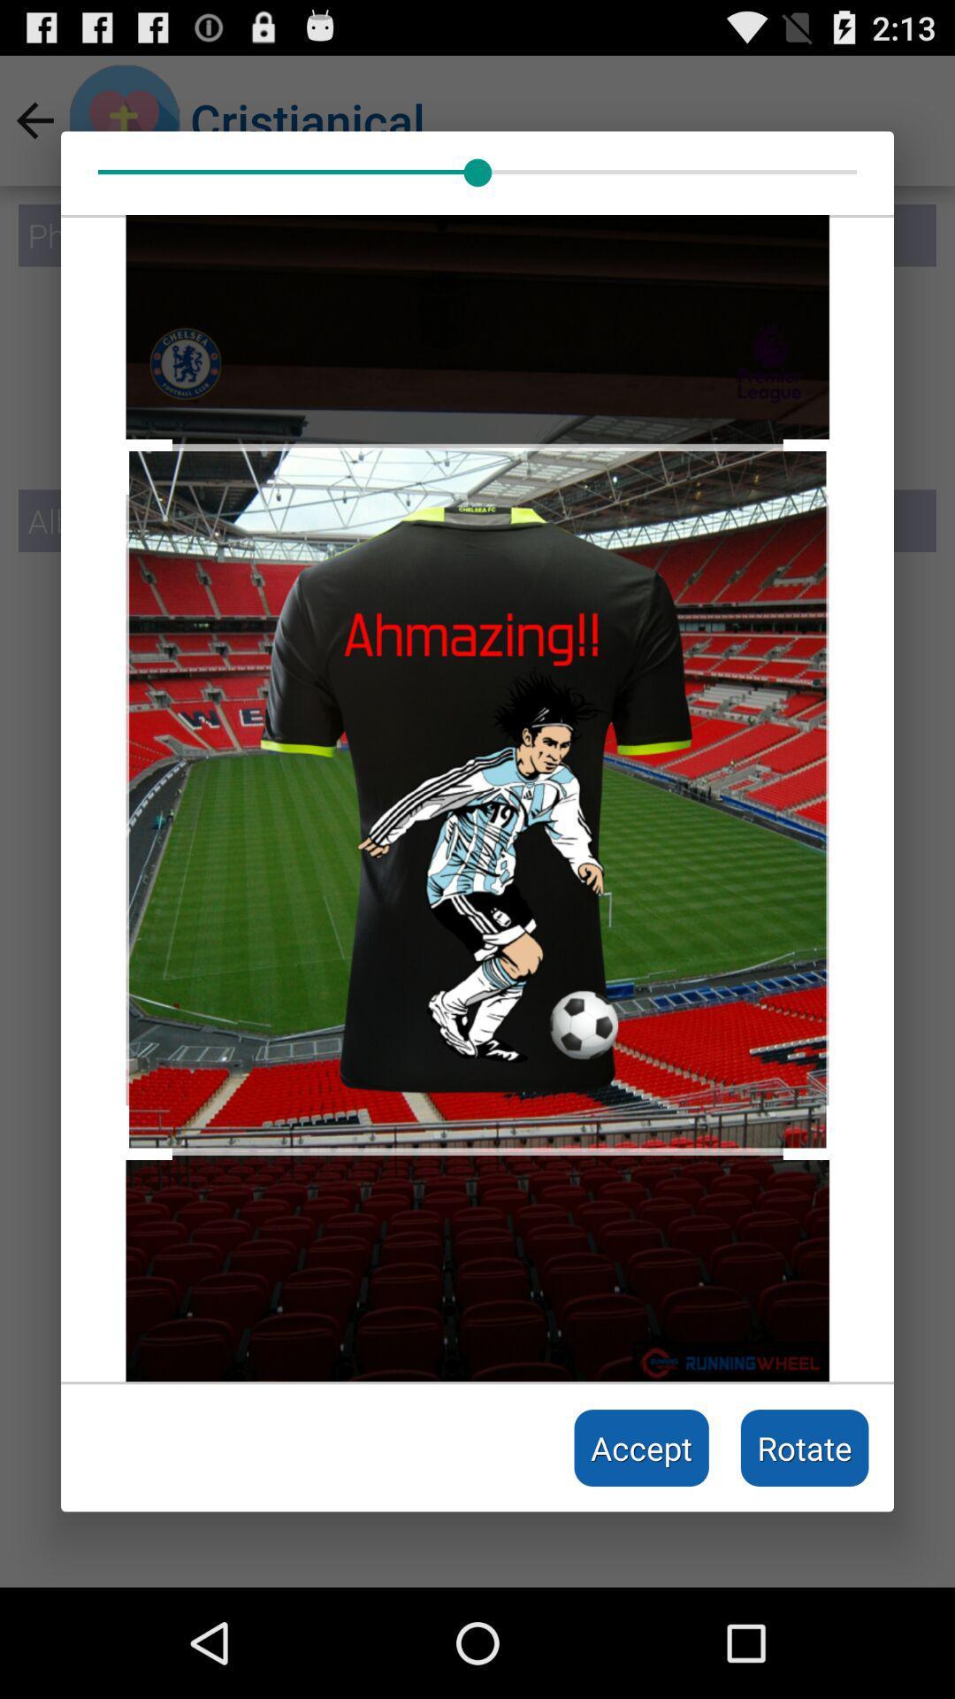 The height and width of the screenshot is (1699, 955). Describe the element at coordinates (805, 1448) in the screenshot. I see `the item to the right of accept item` at that location.